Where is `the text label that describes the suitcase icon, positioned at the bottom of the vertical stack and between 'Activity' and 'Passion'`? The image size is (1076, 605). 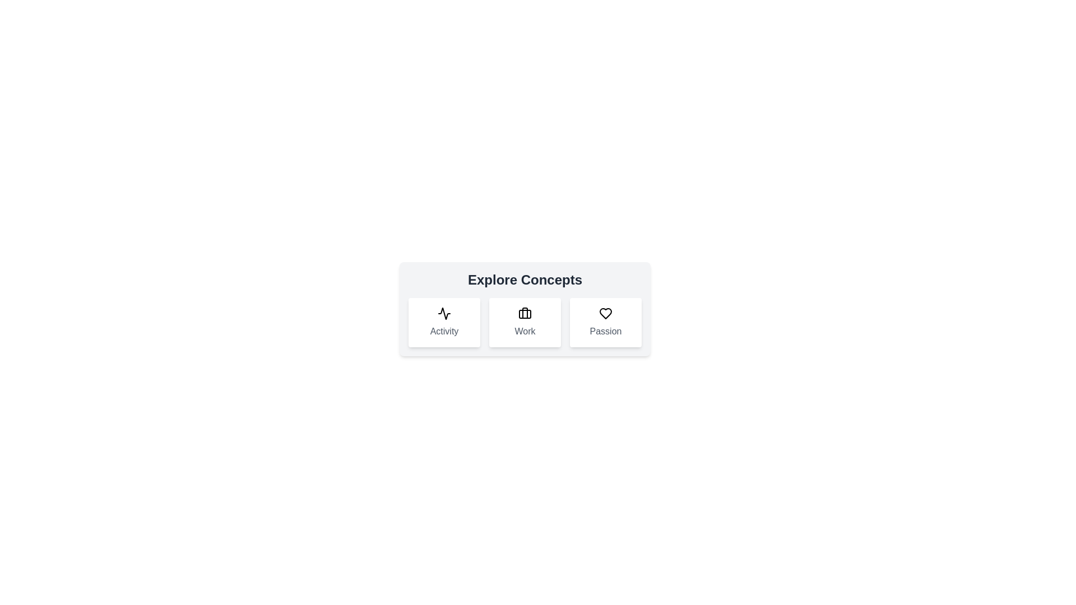
the text label that describes the suitcase icon, positioned at the bottom of the vertical stack and between 'Activity' and 'Passion' is located at coordinates (524, 331).